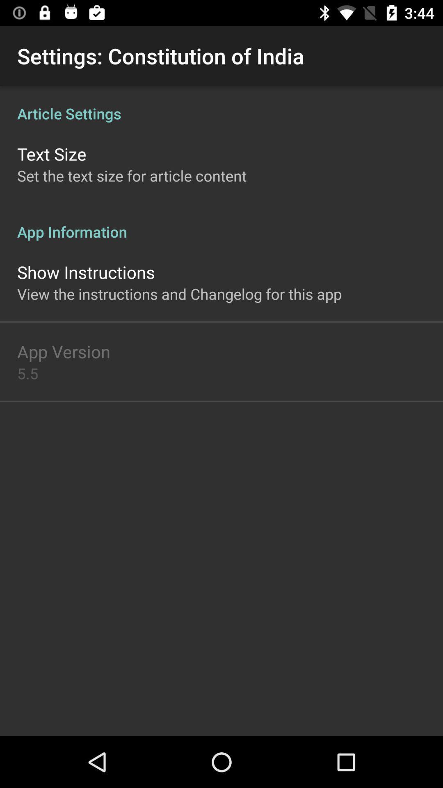 Image resolution: width=443 pixels, height=788 pixels. Describe the element at coordinates (179, 294) in the screenshot. I see `view the instructions` at that location.